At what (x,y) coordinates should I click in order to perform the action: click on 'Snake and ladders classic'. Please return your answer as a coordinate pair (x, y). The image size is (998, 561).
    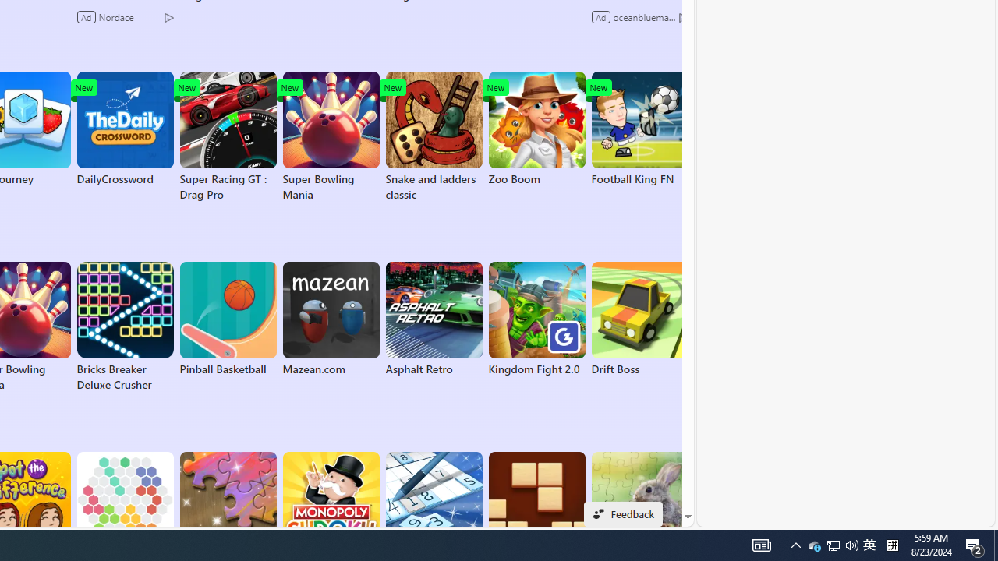
    Looking at the image, I should click on (434, 136).